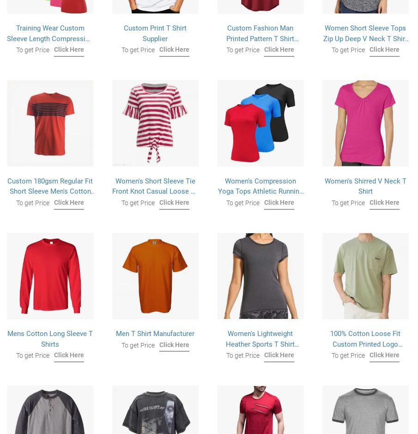  What do you see at coordinates (225, 354) in the screenshot?
I see `'Women's Lightweight Heather Sports T Shirt Activewear Running Workout Short Sleeve Shirts'` at bounding box center [225, 354].